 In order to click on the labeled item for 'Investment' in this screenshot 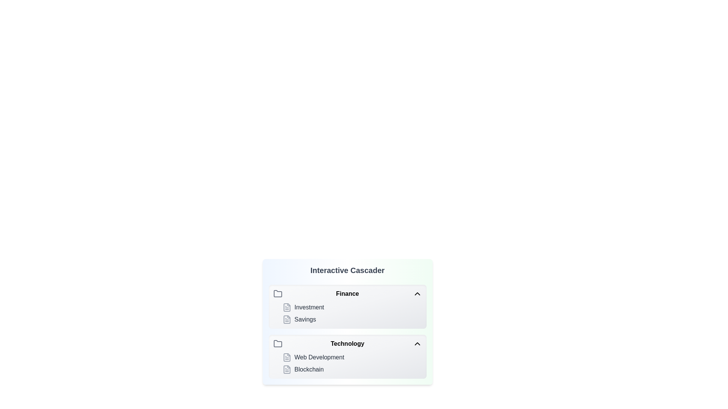, I will do `click(351, 308)`.